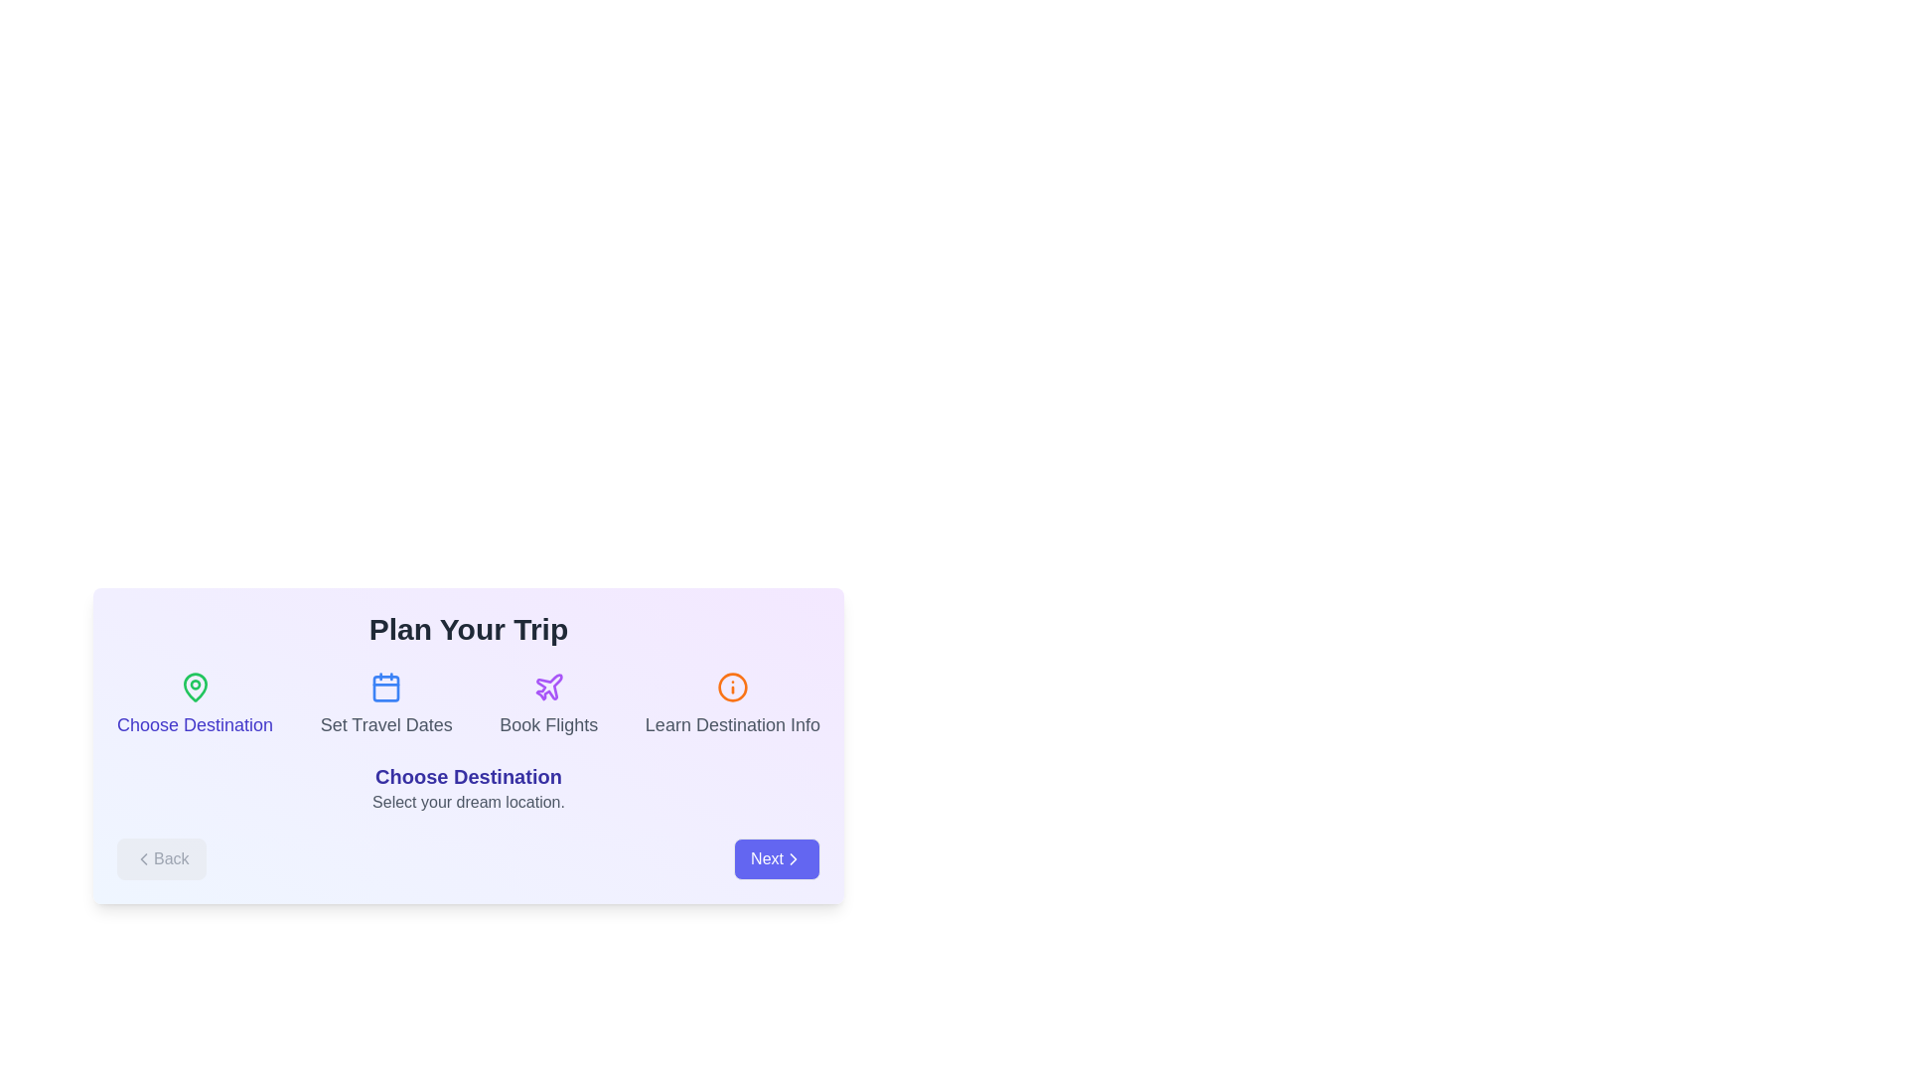 The width and height of the screenshot is (1907, 1073). What do you see at coordinates (142, 857) in the screenshot?
I see `the backward navigation icon located in the lower-left corner of the interface, labeled with the text 'Back'` at bounding box center [142, 857].